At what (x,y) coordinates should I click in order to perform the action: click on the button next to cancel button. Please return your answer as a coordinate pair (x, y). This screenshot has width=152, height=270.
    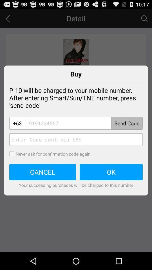
    Looking at the image, I should click on (111, 172).